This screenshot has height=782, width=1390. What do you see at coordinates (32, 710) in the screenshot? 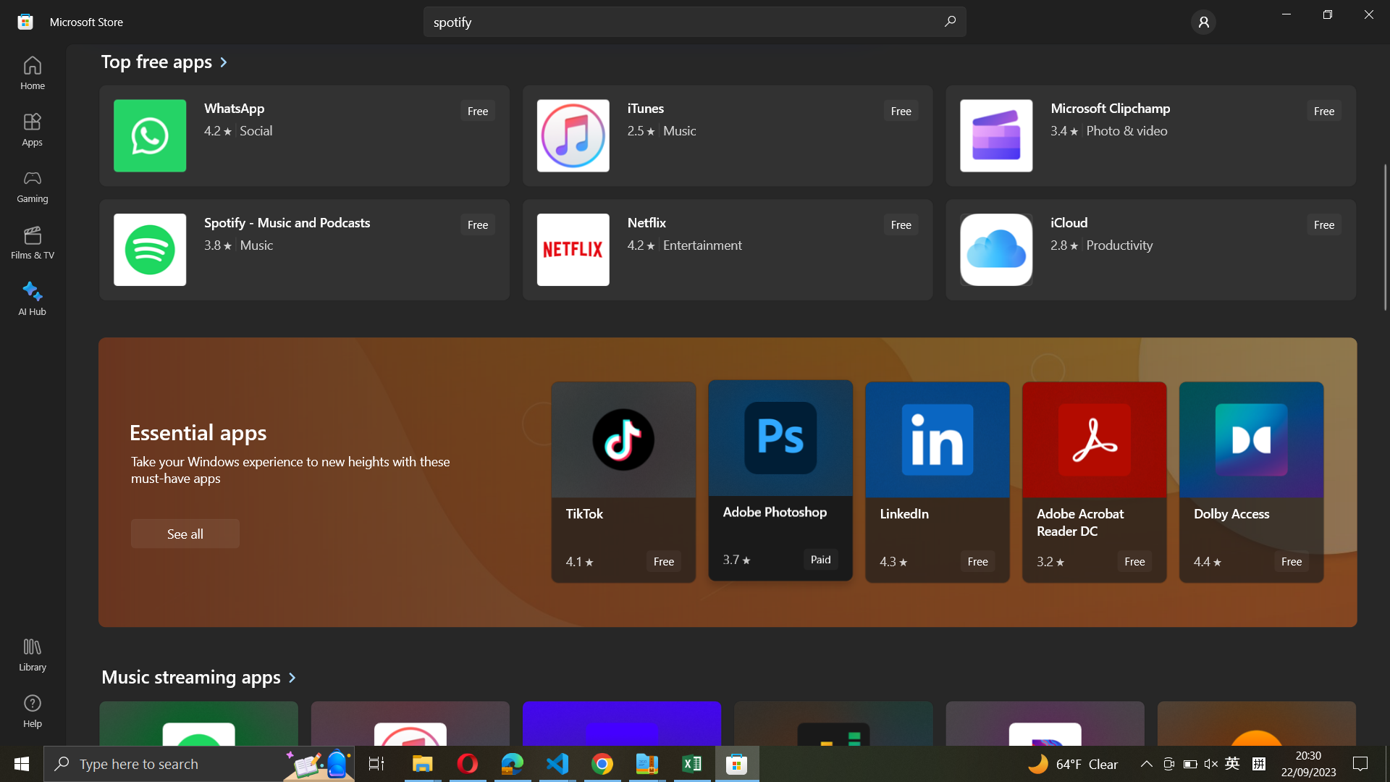
I see `Help` at bounding box center [32, 710].